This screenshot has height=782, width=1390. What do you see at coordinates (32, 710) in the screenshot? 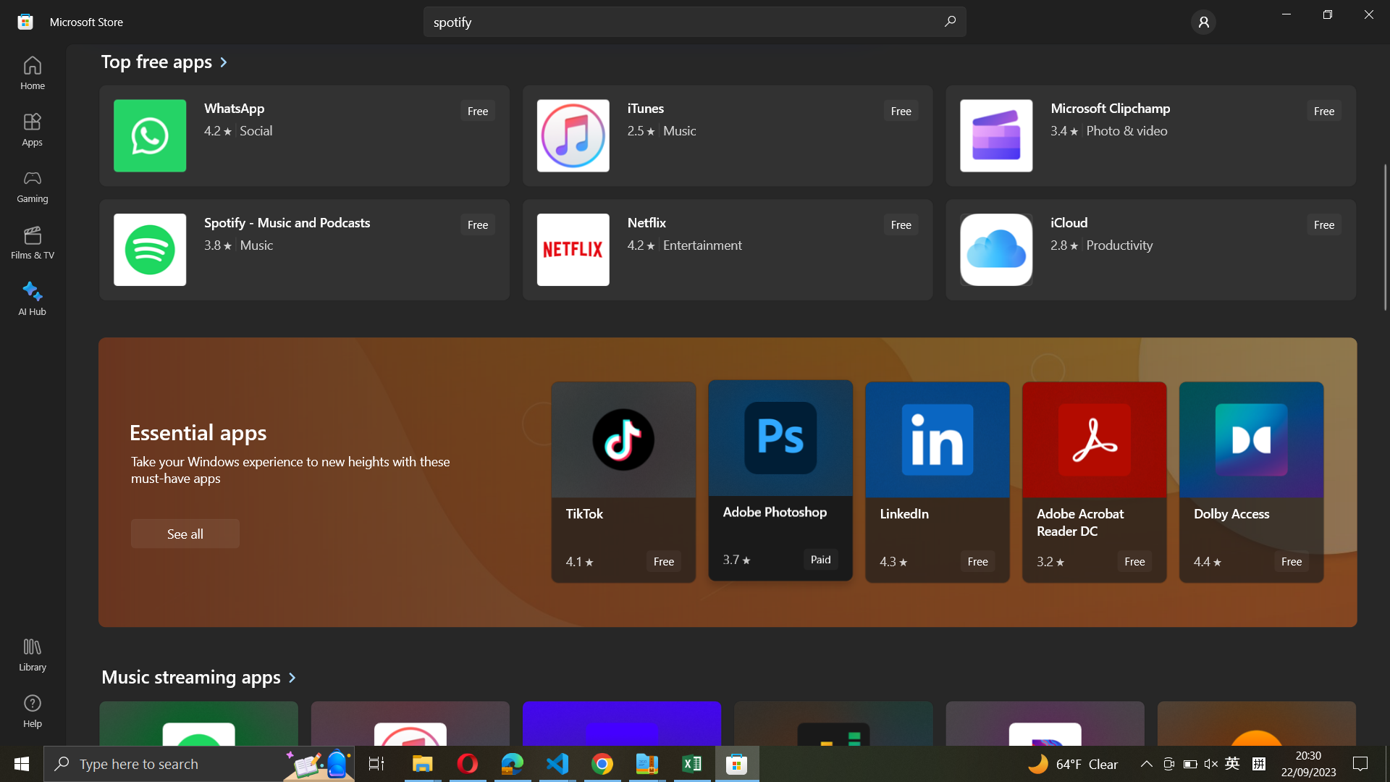
I see `Help` at bounding box center [32, 710].